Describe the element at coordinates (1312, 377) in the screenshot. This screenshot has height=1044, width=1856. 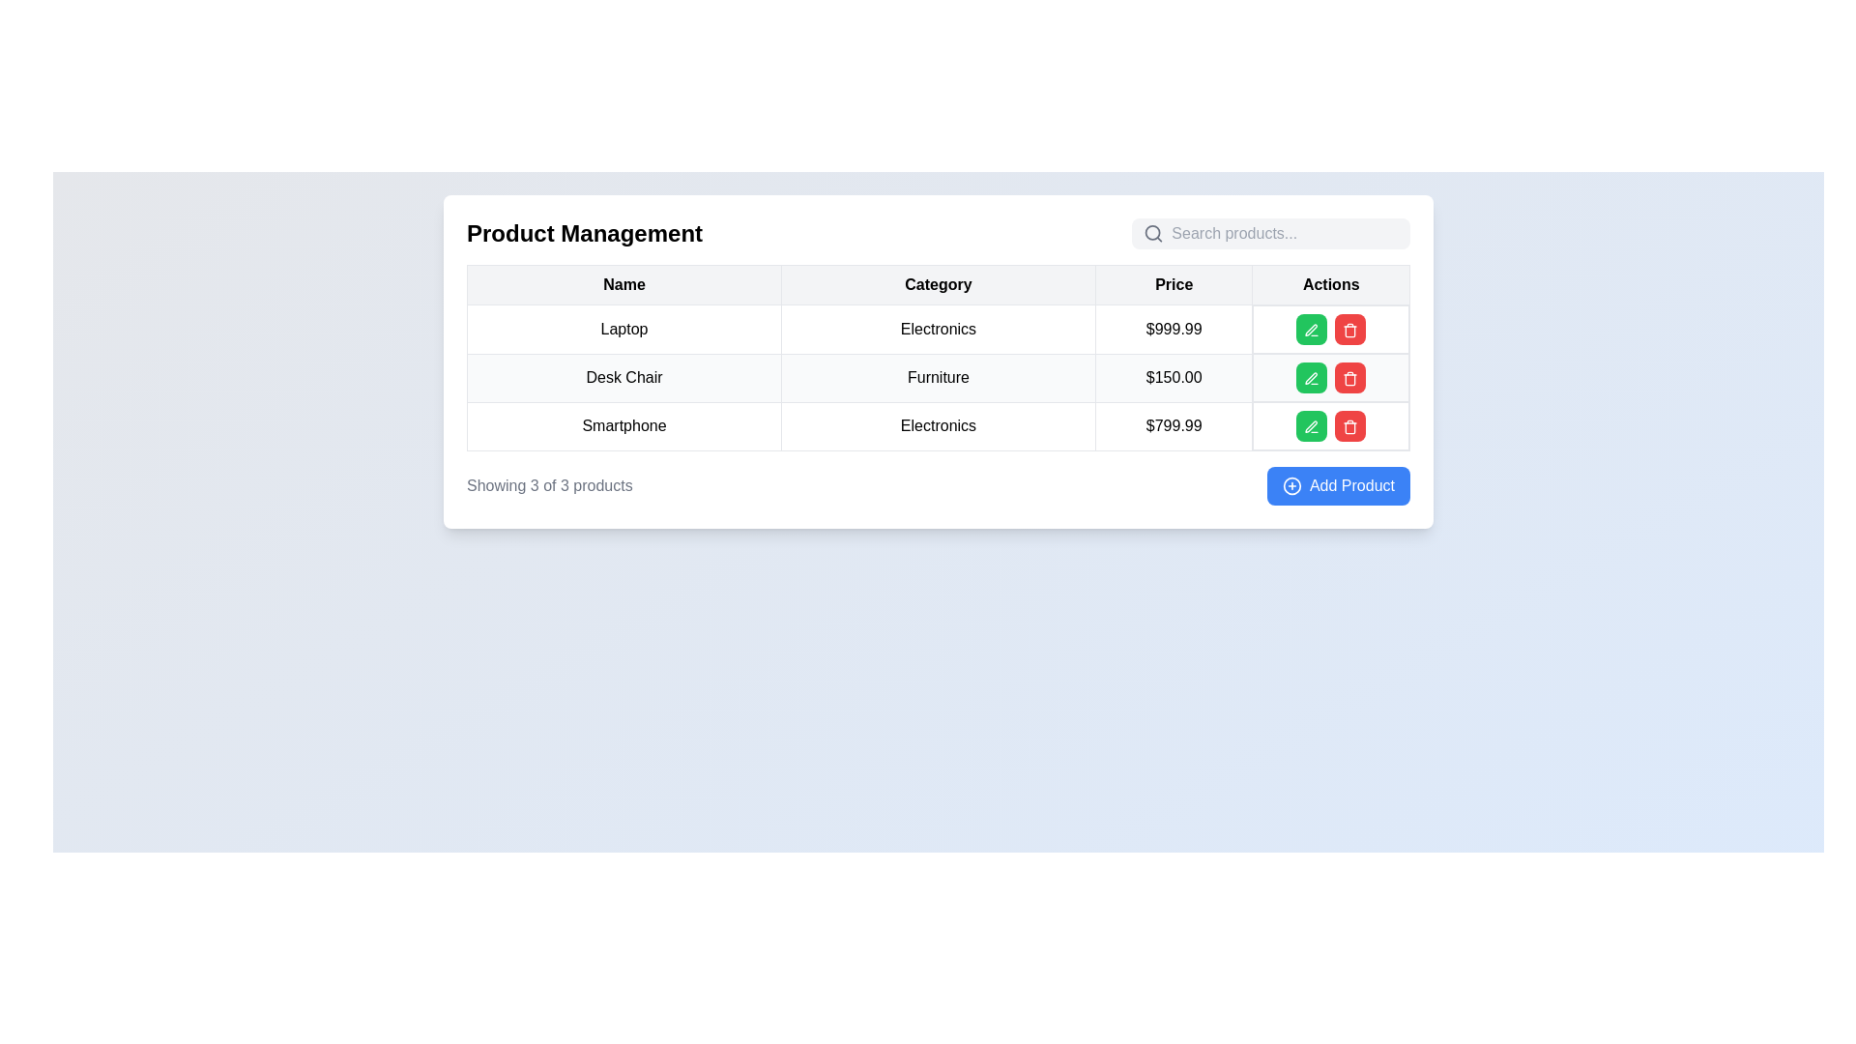
I see `the leftmost button in the third row of the 'Actions' column in the table` at that location.